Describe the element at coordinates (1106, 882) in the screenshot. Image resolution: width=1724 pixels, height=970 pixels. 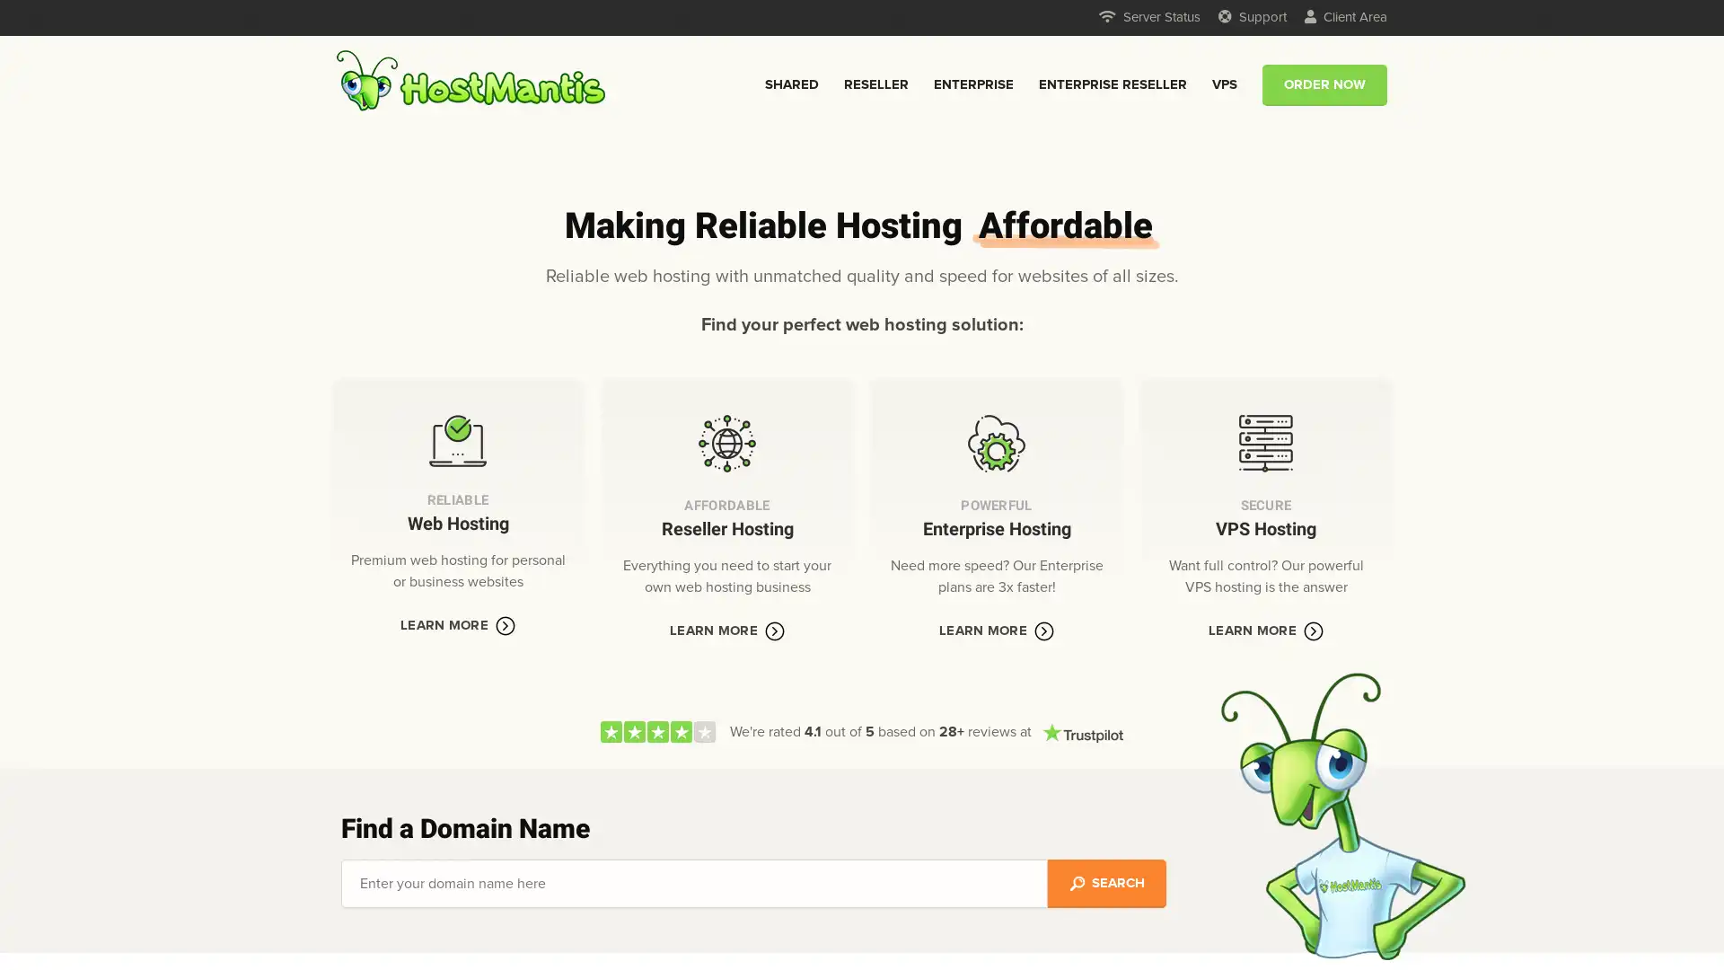
I see `Search` at that location.